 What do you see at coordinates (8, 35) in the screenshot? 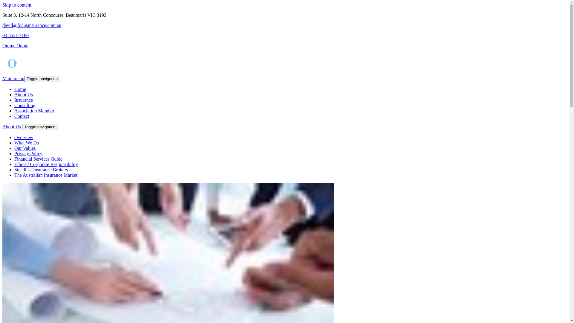
I see `'8521 7180'` at bounding box center [8, 35].